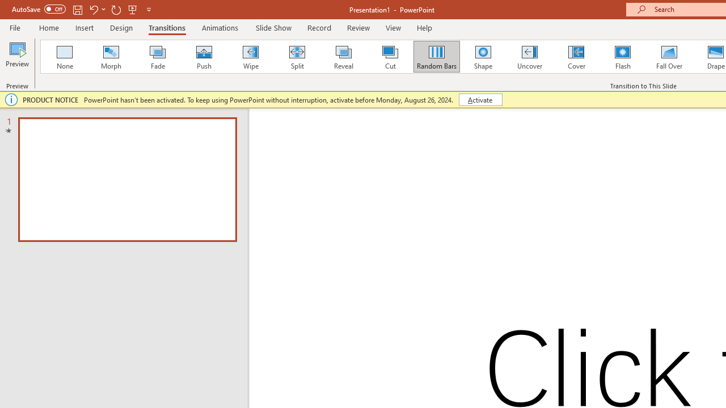 The image size is (726, 408). I want to click on 'Uncover', so click(529, 57).